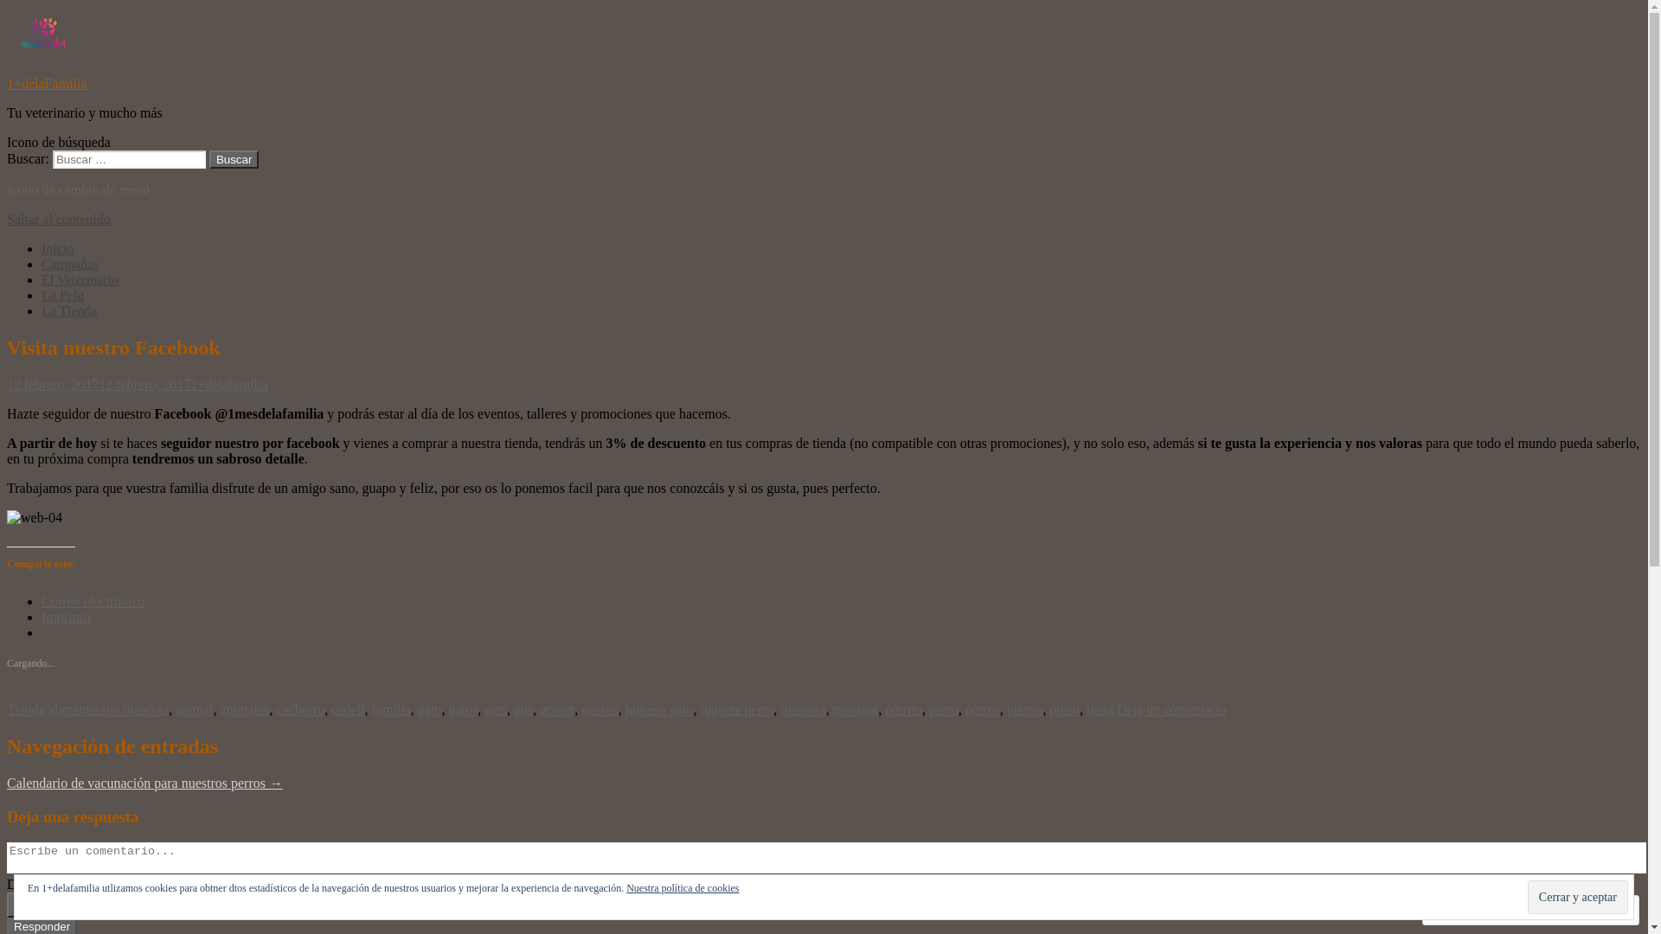 The height and width of the screenshot is (934, 1661). I want to click on 'El Veterinario', so click(42, 278).